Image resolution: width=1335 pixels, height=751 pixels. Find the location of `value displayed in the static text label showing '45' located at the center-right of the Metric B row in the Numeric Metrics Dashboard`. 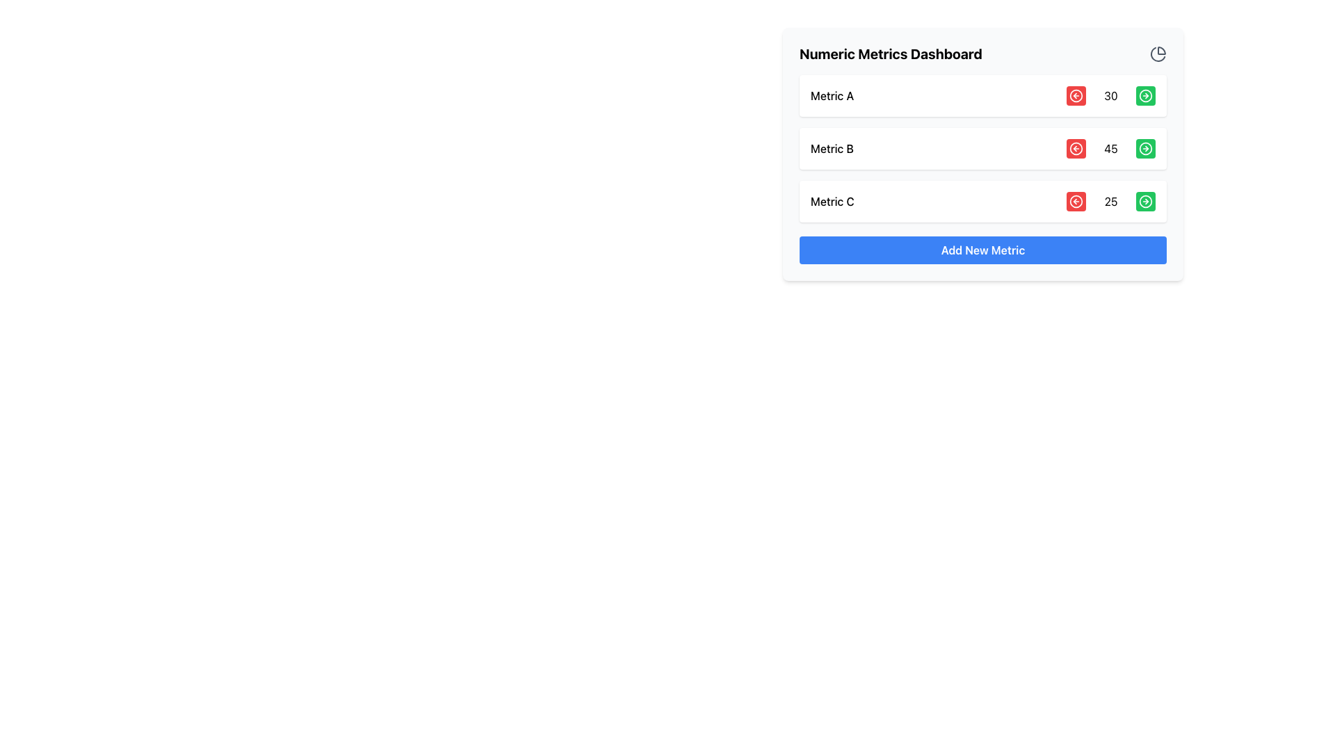

value displayed in the static text label showing '45' located at the center-right of the Metric B row in the Numeric Metrics Dashboard is located at coordinates (1110, 148).